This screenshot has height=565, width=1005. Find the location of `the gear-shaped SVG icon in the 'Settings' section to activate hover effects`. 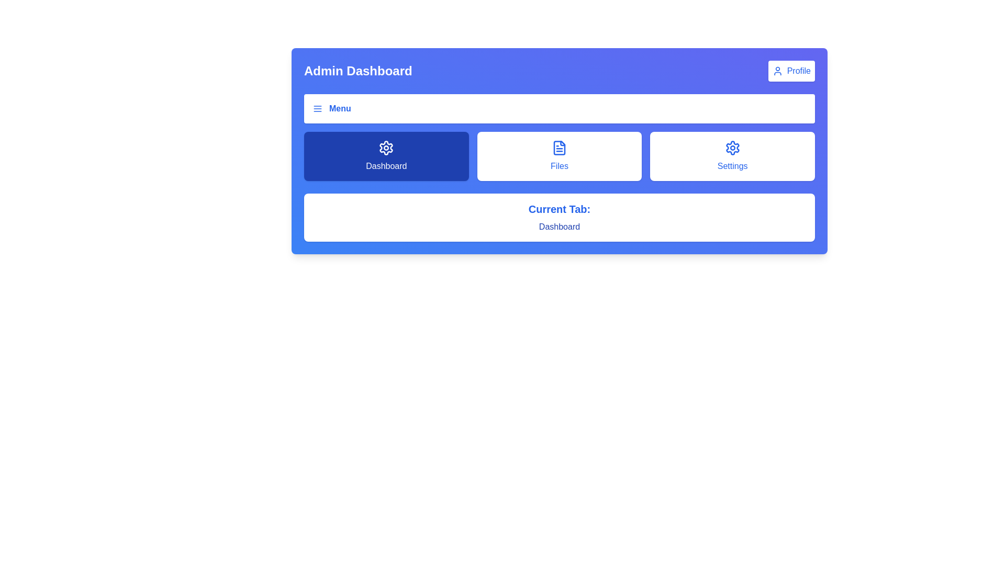

the gear-shaped SVG icon in the 'Settings' section to activate hover effects is located at coordinates (732, 148).